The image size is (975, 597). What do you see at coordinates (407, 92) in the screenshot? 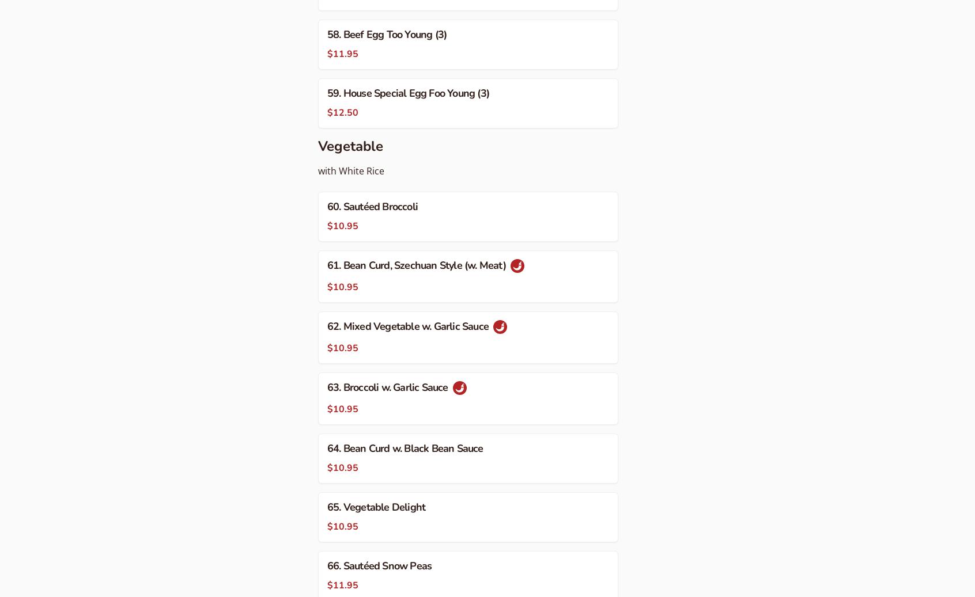
I see `'59. House Special Egg Foo Young (3)'` at bounding box center [407, 92].